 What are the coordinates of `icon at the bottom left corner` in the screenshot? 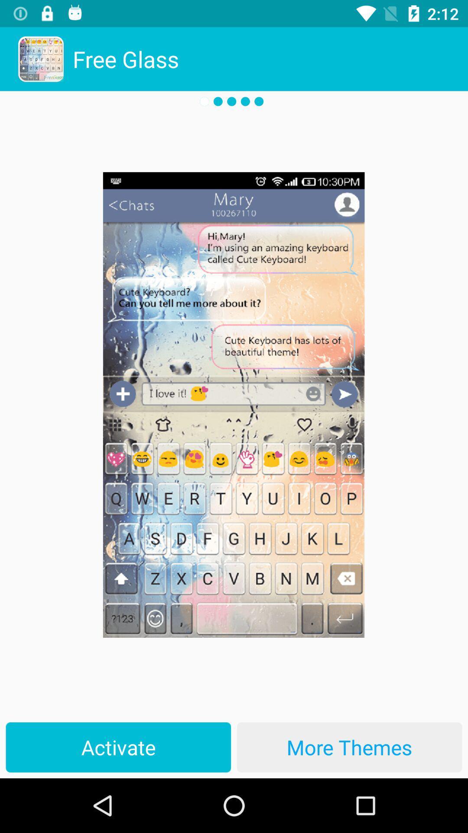 It's located at (118, 747).